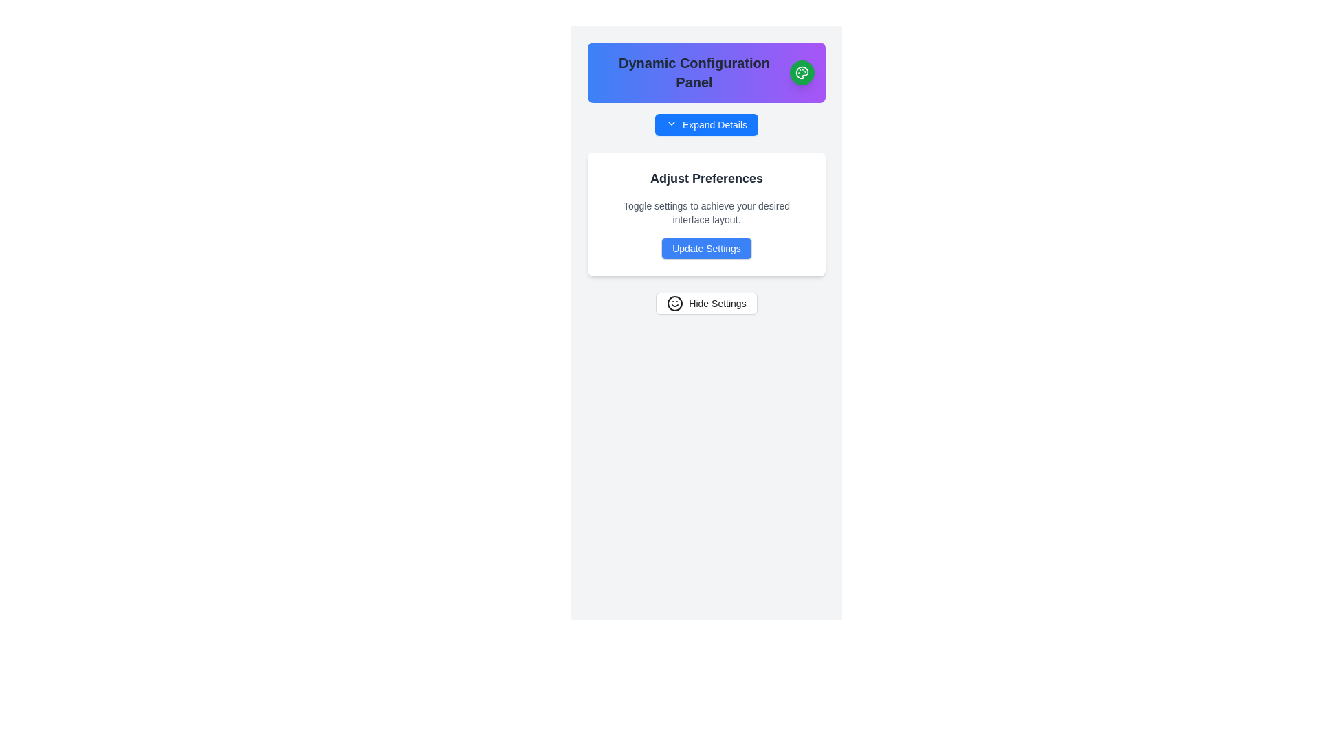 Image resolution: width=1320 pixels, height=742 pixels. What do you see at coordinates (706, 212) in the screenshot?
I see `the guidance text element located below the 'Adjust Preferences' heading and above the 'Update Settings' button` at bounding box center [706, 212].